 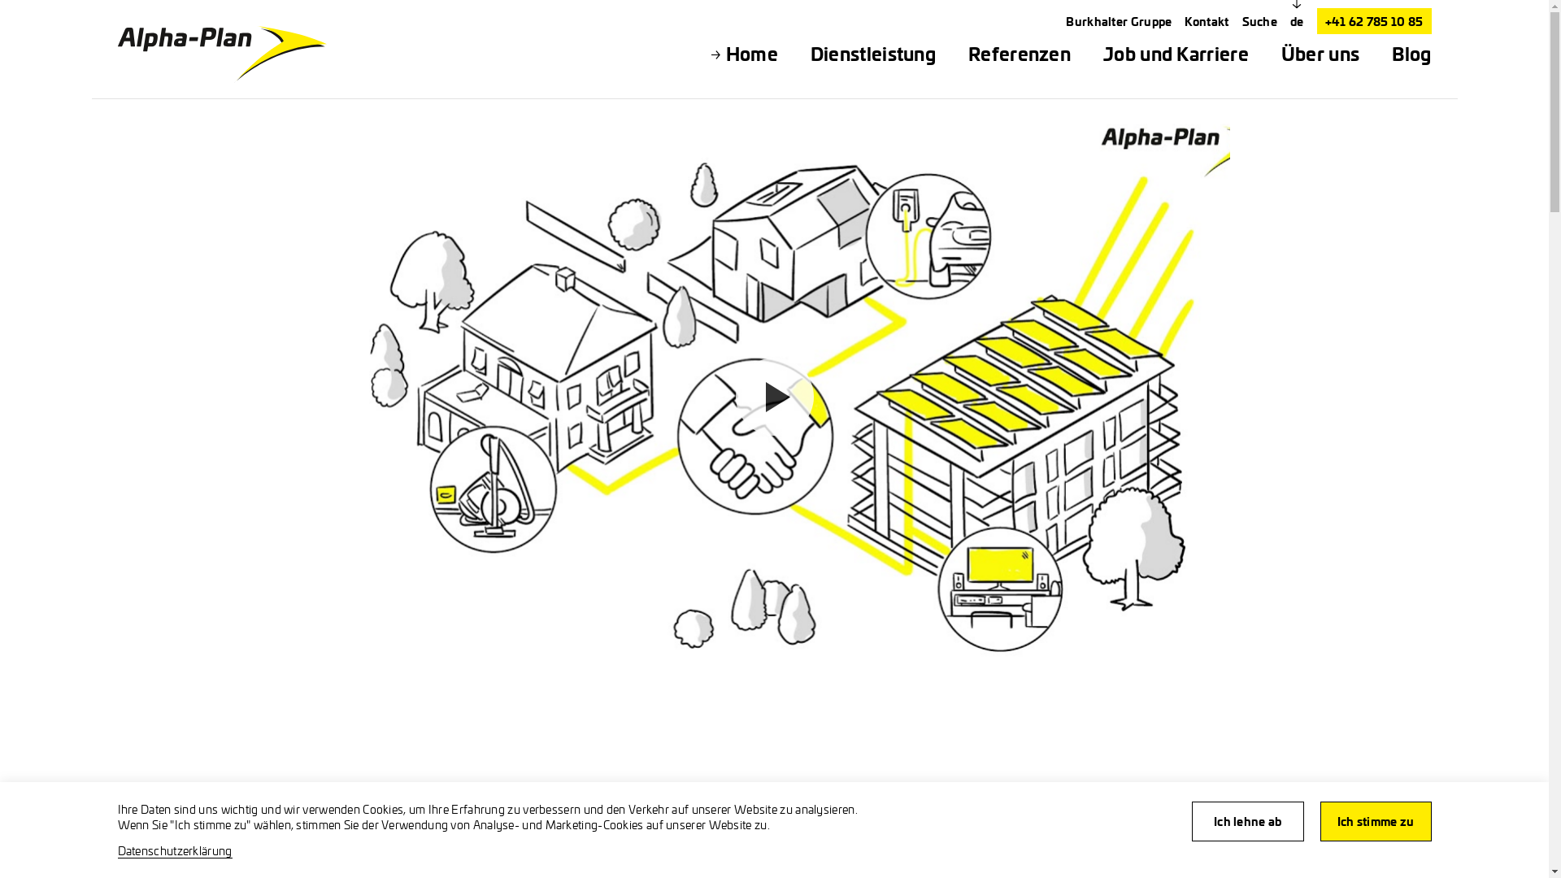 What do you see at coordinates (1247, 821) in the screenshot?
I see `'Ich lehne ab'` at bounding box center [1247, 821].